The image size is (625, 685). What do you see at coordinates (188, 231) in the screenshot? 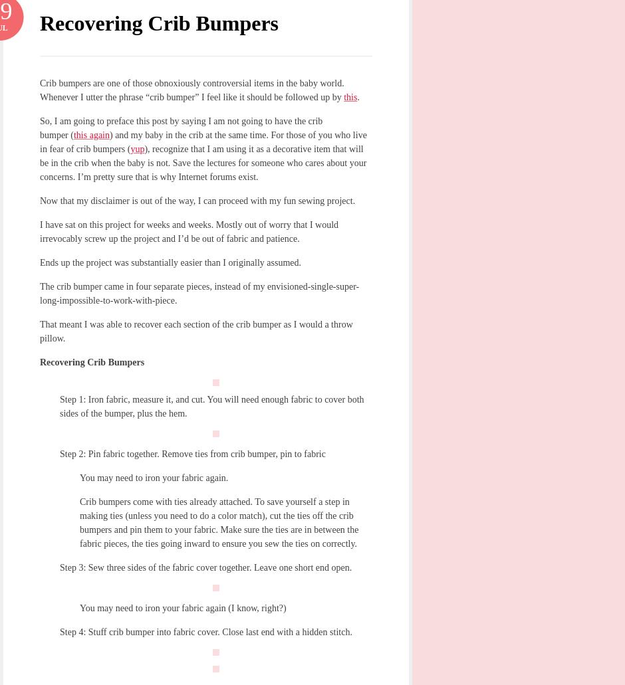
I see `'I have sat on this project for weeks and weeks. Mostly out of worry that I would irrevocably screw up the project and I’d be out of fabric and patience.'` at bounding box center [188, 231].